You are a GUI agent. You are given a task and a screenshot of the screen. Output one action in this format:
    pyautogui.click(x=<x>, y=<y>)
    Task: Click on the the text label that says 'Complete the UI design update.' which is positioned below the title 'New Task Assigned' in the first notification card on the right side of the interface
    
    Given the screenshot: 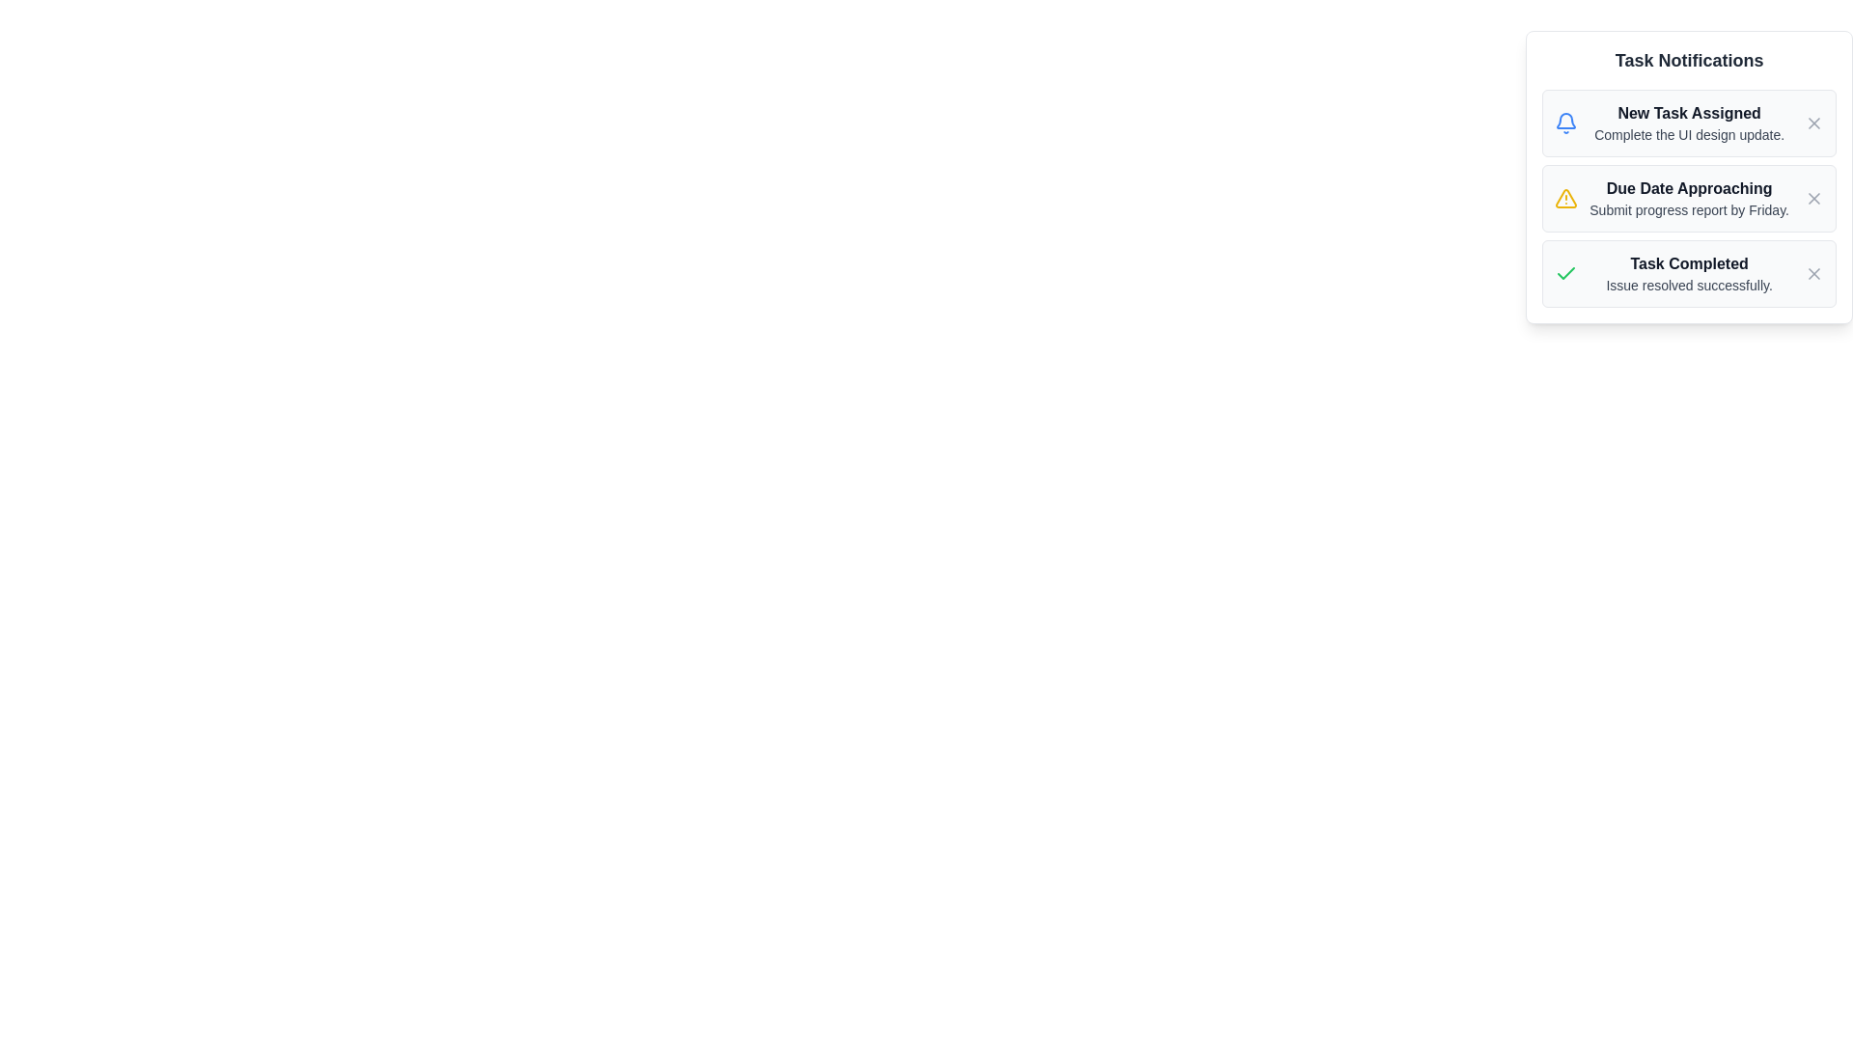 What is the action you would take?
    pyautogui.click(x=1688, y=133)
    